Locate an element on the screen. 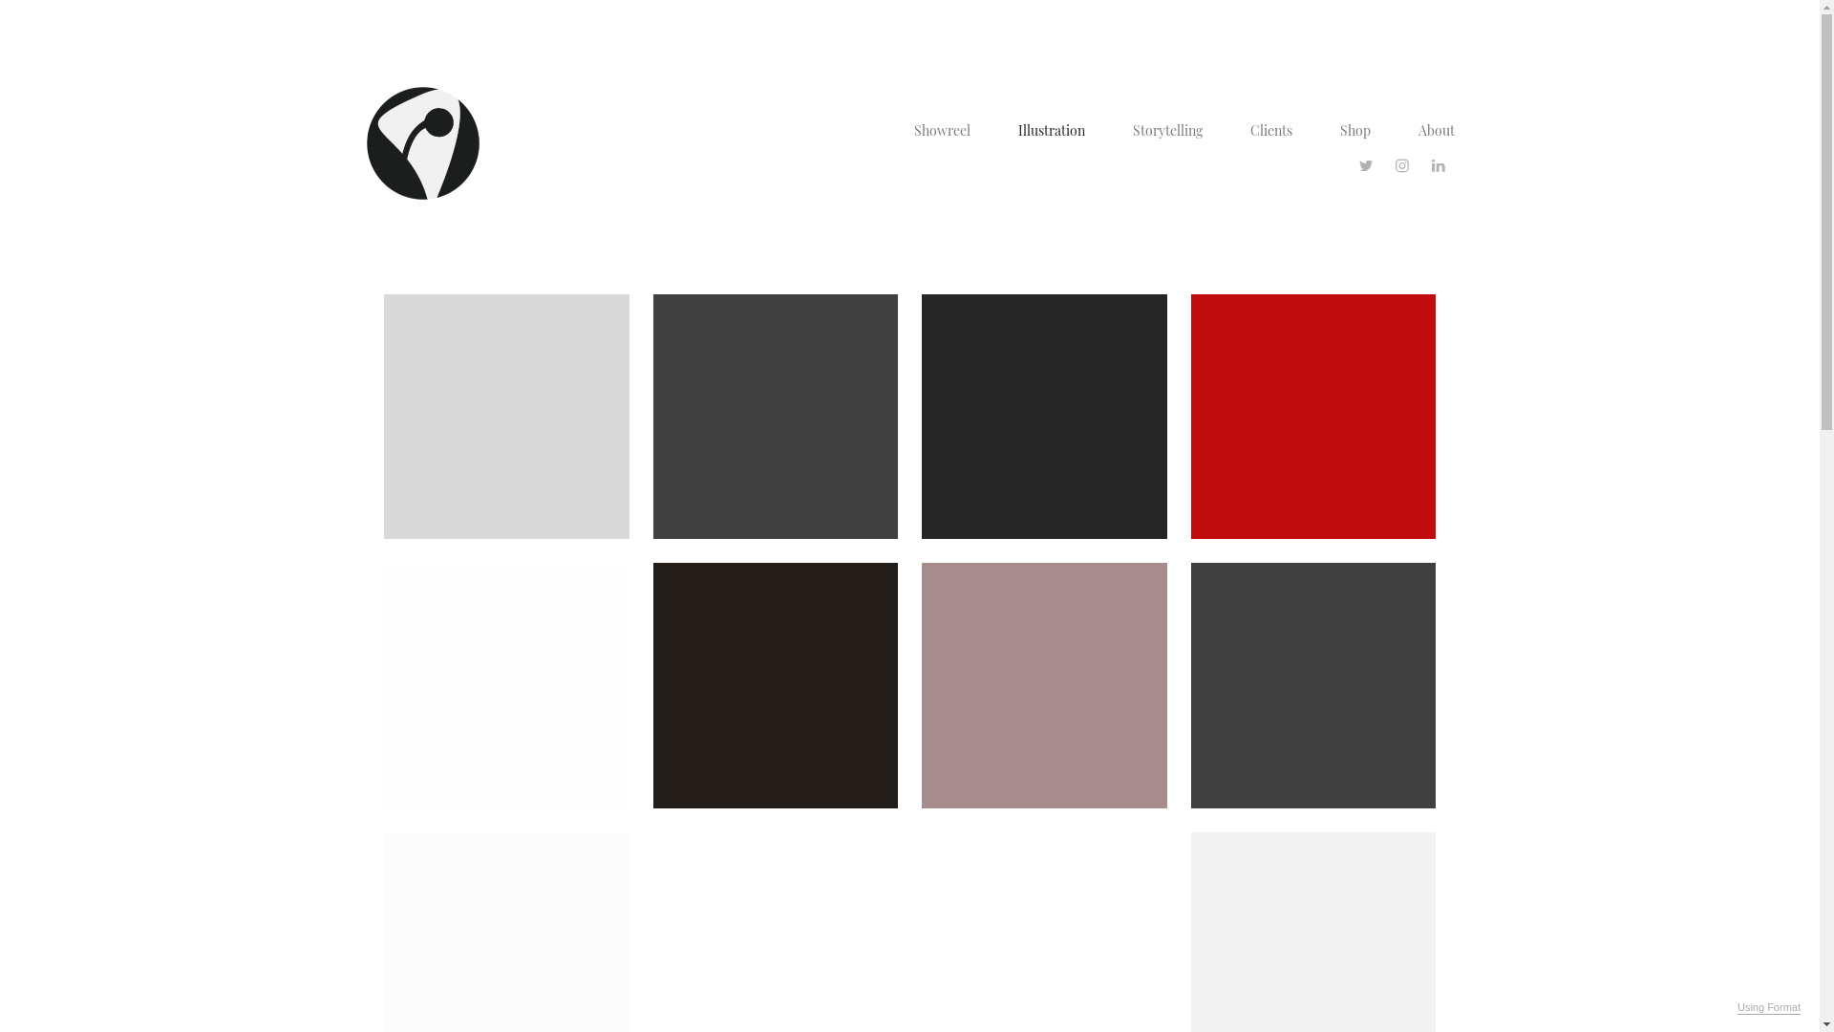 This screenshot has height=1032, width=1834. 'Clients' is located at coordinates (1269, 129).